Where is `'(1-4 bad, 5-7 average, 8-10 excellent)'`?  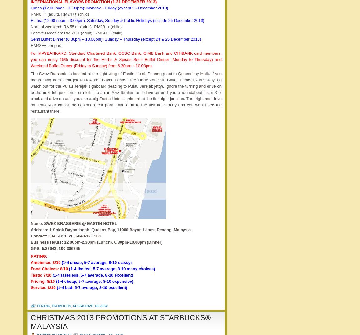 '(1-4 bad, 5-7 average, 8-10 excellent)' is located at coordinates (92, 287).